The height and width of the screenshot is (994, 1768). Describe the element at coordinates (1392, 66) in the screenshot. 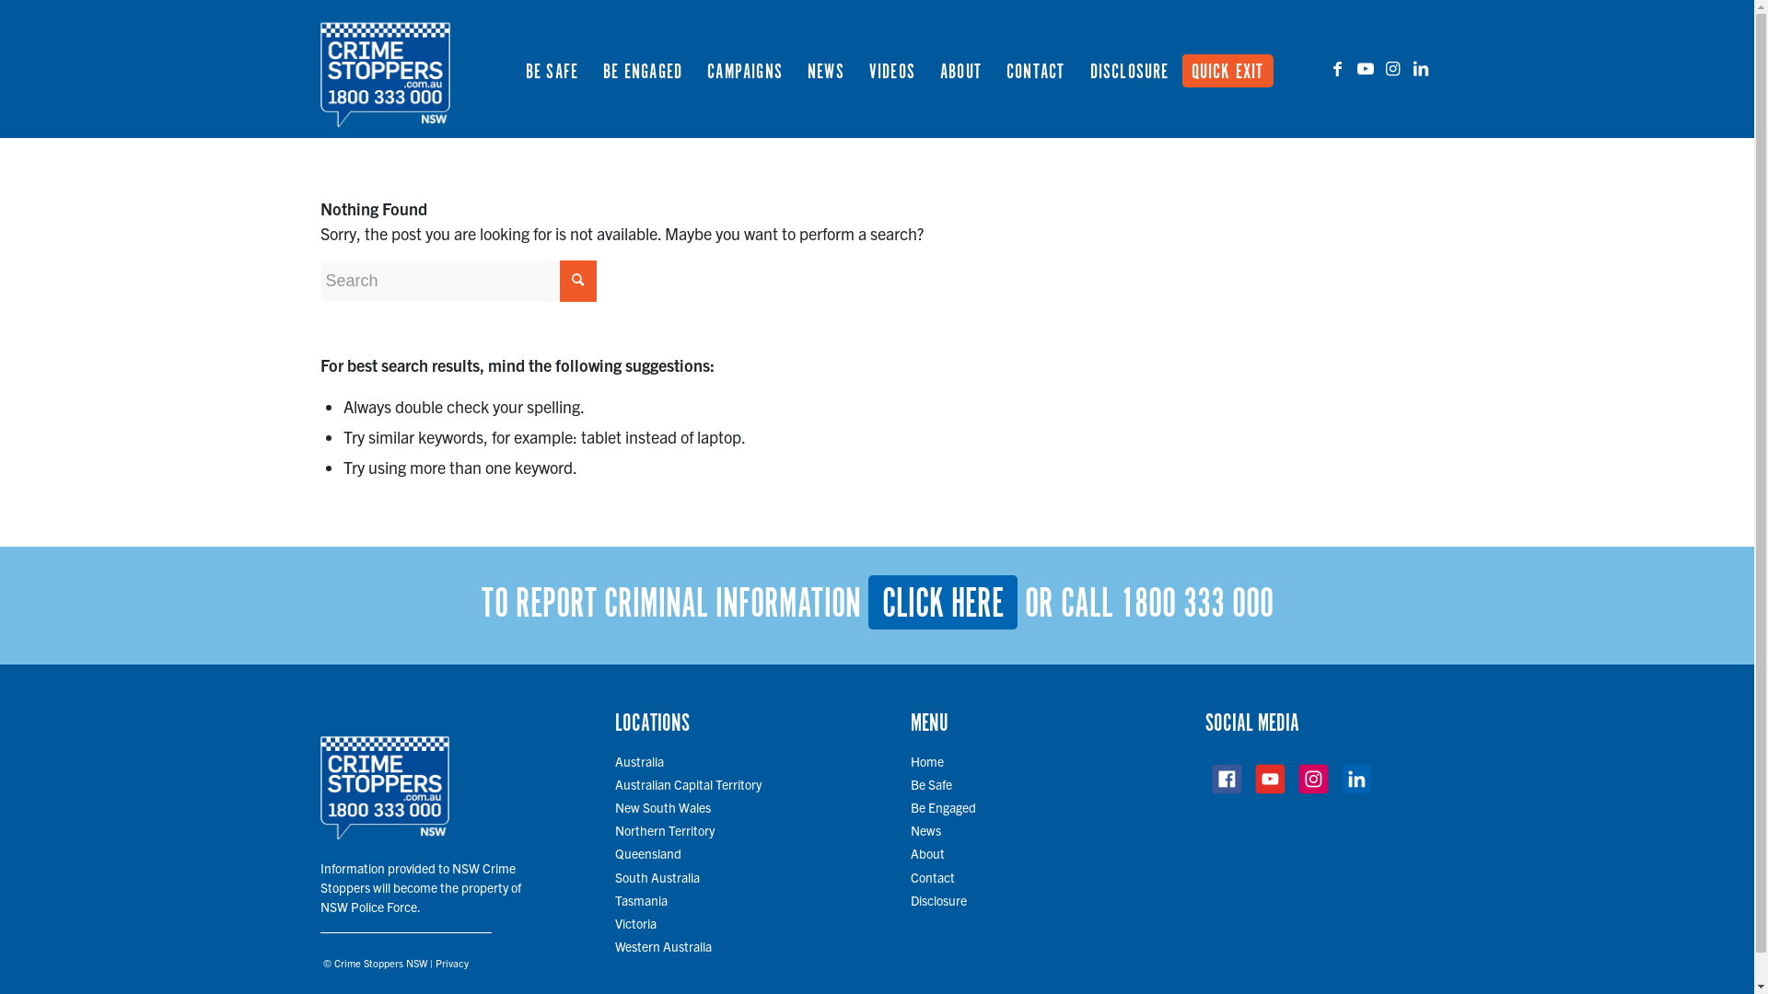

I see `'Instagram'` at that location.